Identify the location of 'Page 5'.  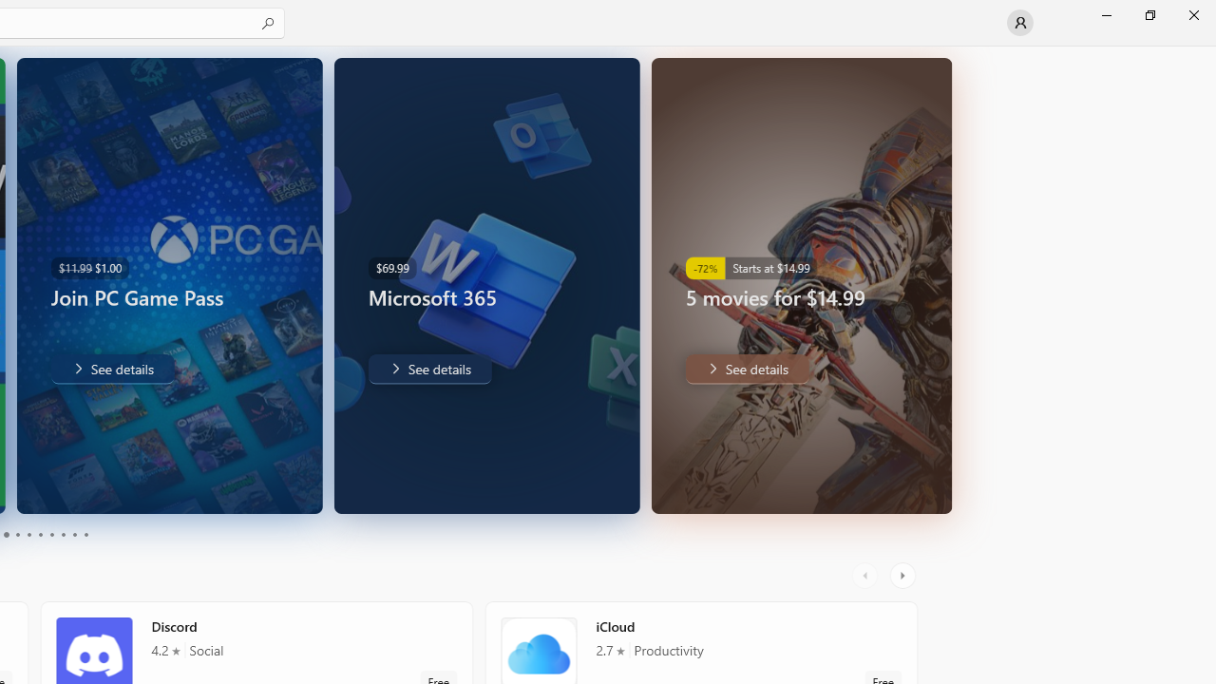
(28, 535).